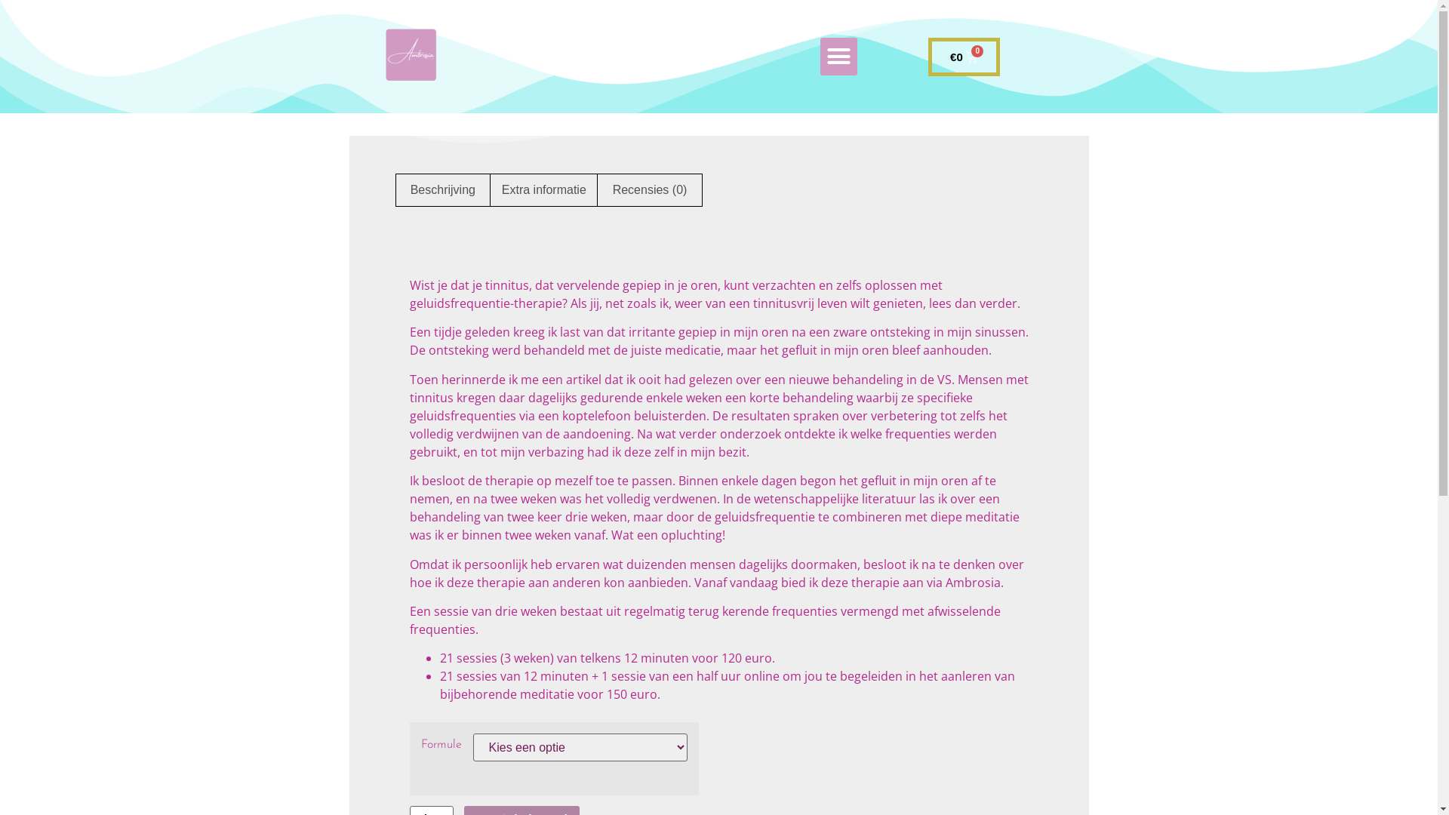 The height and width of the screenshot is (815, 1449). I want to click on 'Beschrijving', so click(395, 189).